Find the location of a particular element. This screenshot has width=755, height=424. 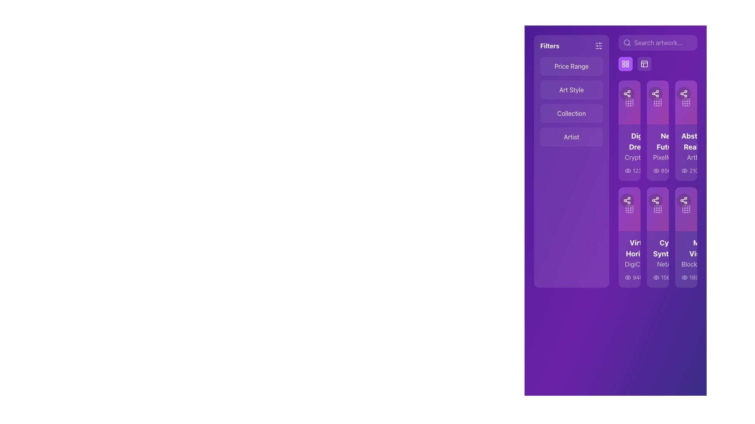

the textual information displaying the view count associated with the 'Virtual HorizonsDigiCreator1.5 ETH' section, located near the bottom-right corner beneath the 'DigiCreator' text is located at coordinates (630, 277).